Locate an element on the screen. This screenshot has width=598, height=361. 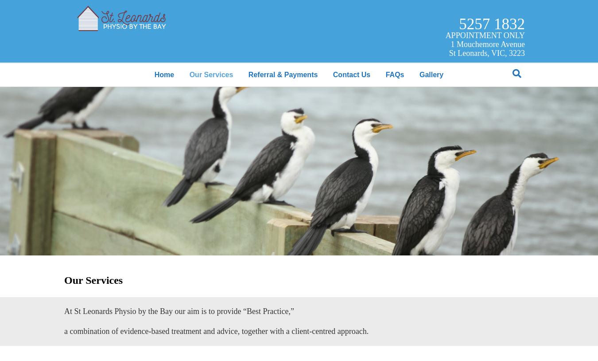
'a combination of evidence-based treatment and advice, together with a client-centred approach.' is located at coordinates (216, 331).